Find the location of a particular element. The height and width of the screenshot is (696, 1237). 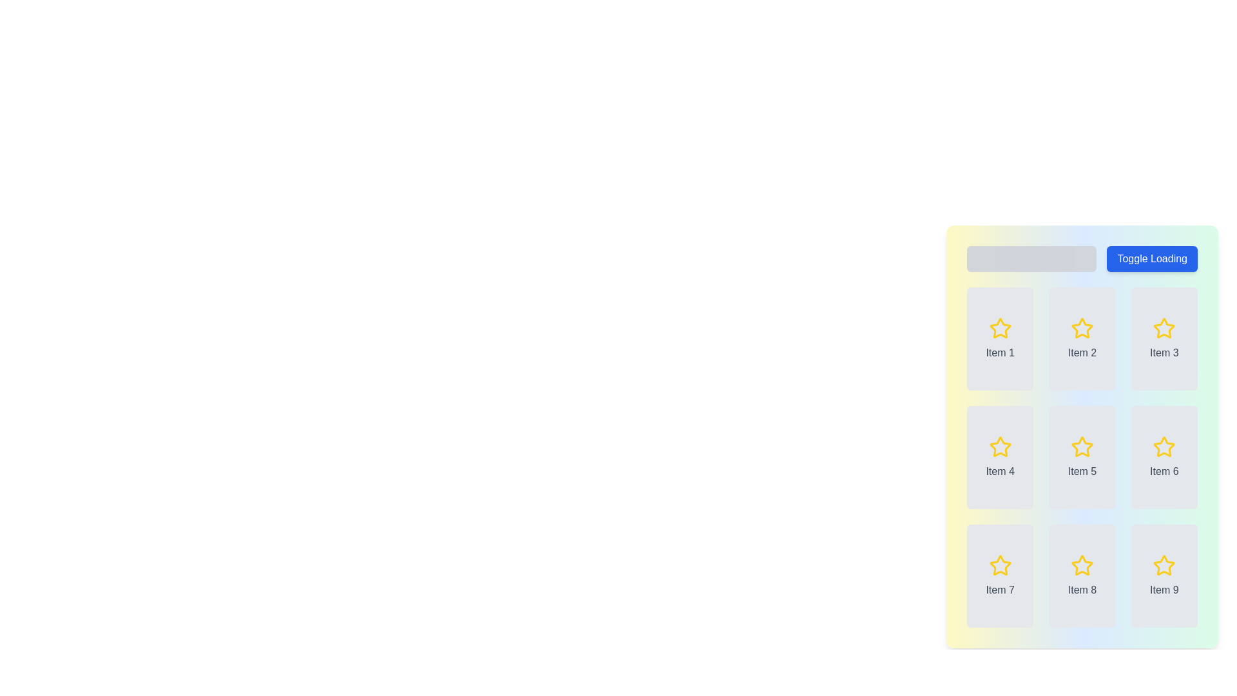

the first star icon in the grid associated with 'Item 1' is located at coordinates (999, 327).